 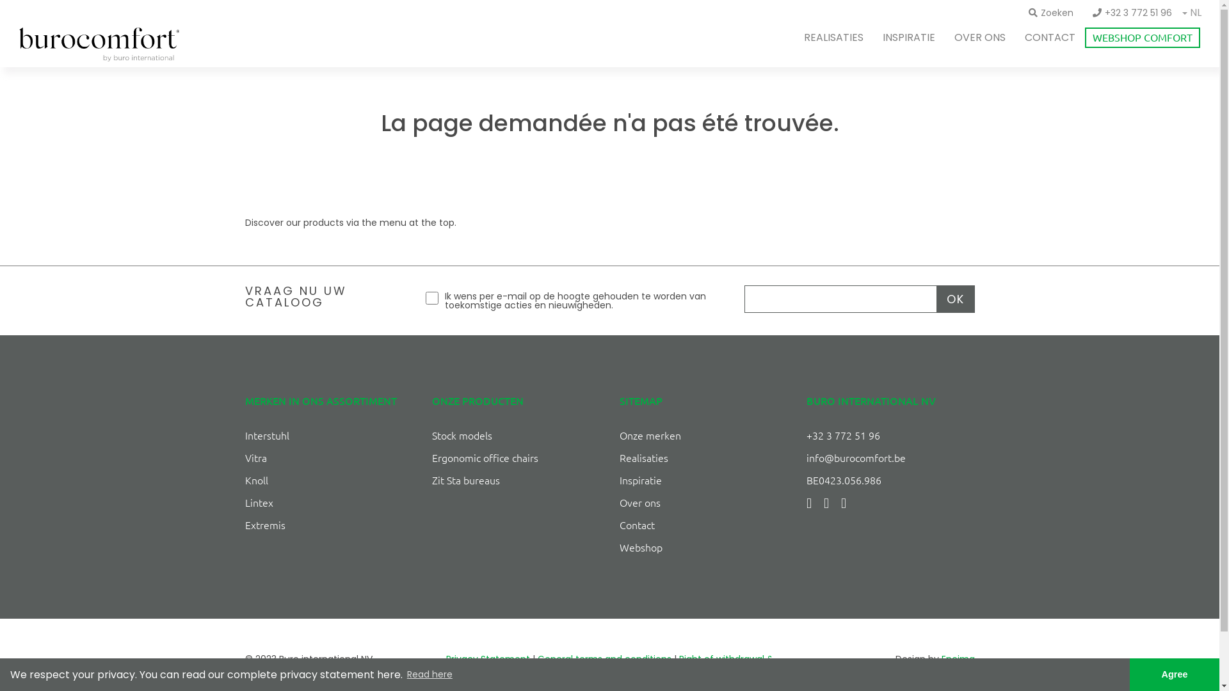 What do you see at coordinates (255, 479) in the screenshot?
I see `'Knoll'` at bounding box center [255, 479].